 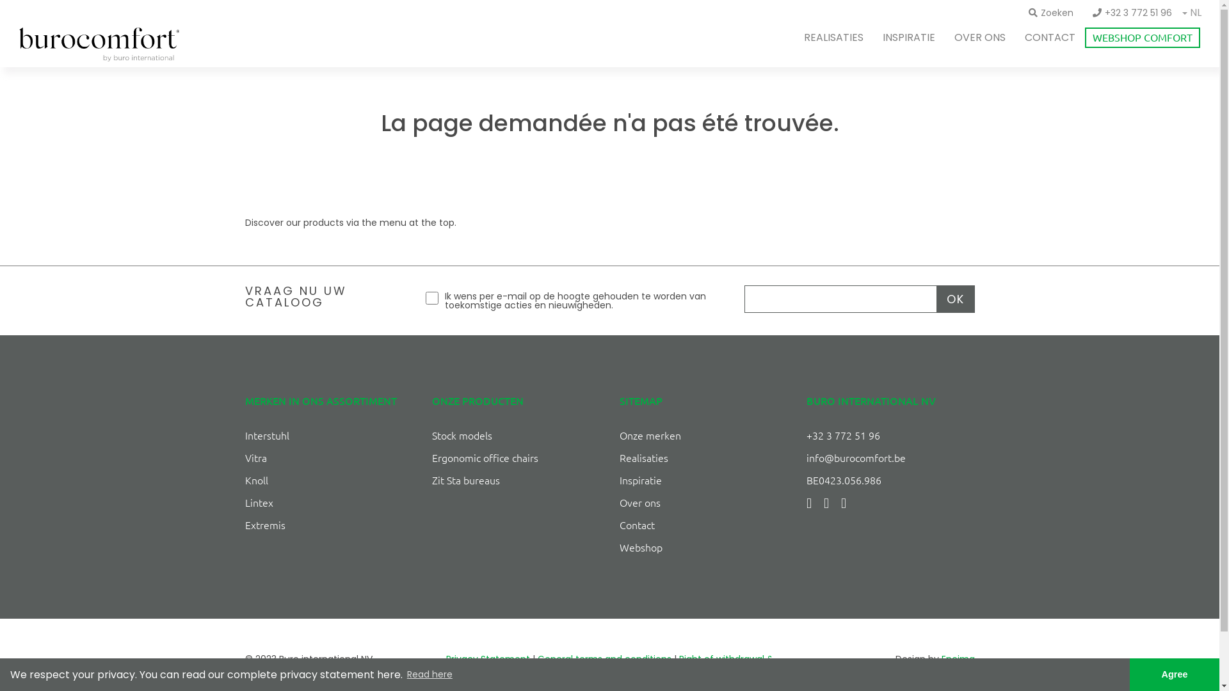 What do you see at coordinates (255, 479) in the screenshot?
I see `'Knoll'` at bounding box center [255, 479].